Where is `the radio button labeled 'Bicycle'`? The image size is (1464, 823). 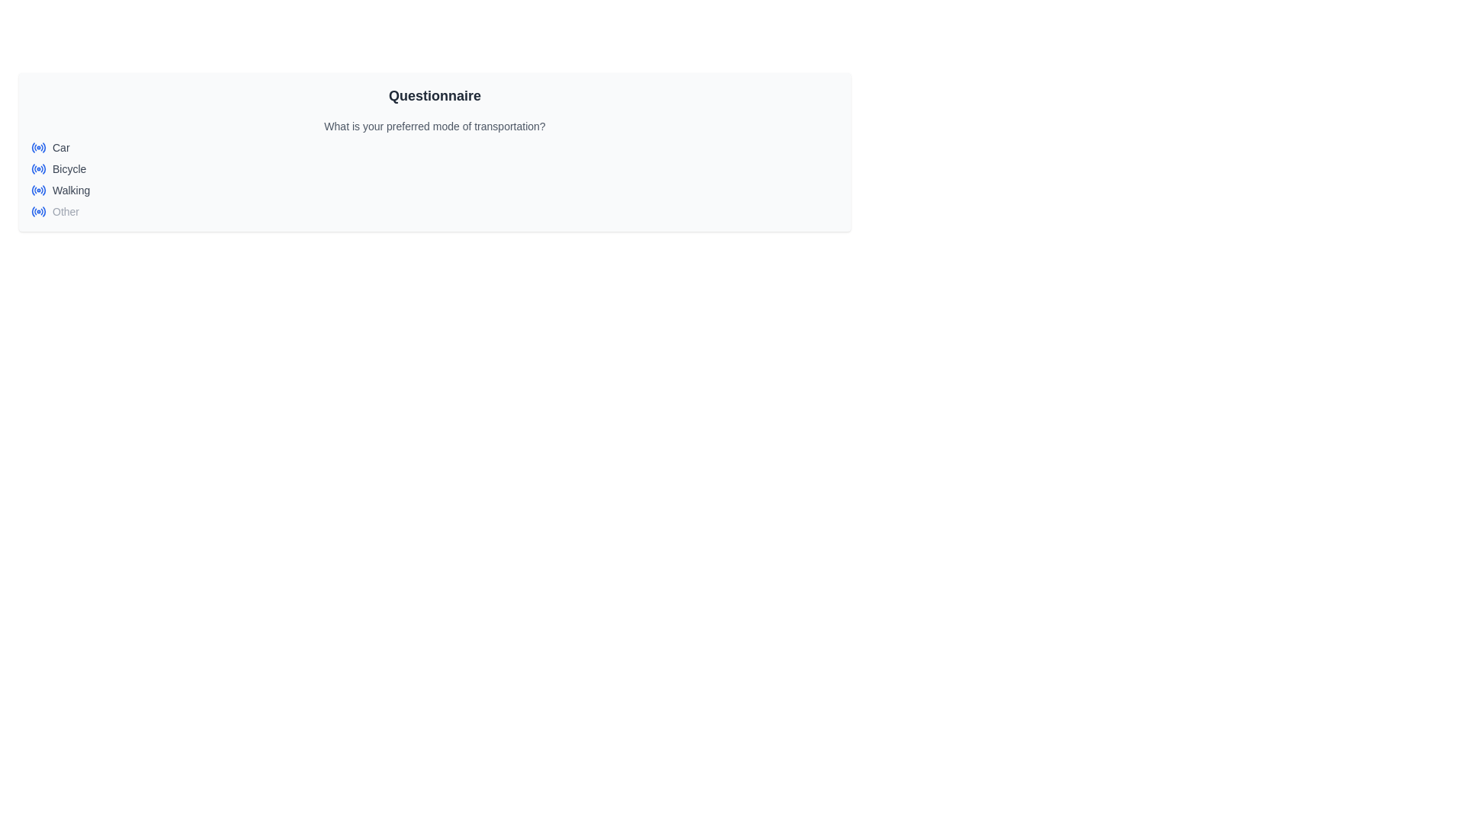 the radio button labeled 'Bicycle' is located at coordinates (39, 169).